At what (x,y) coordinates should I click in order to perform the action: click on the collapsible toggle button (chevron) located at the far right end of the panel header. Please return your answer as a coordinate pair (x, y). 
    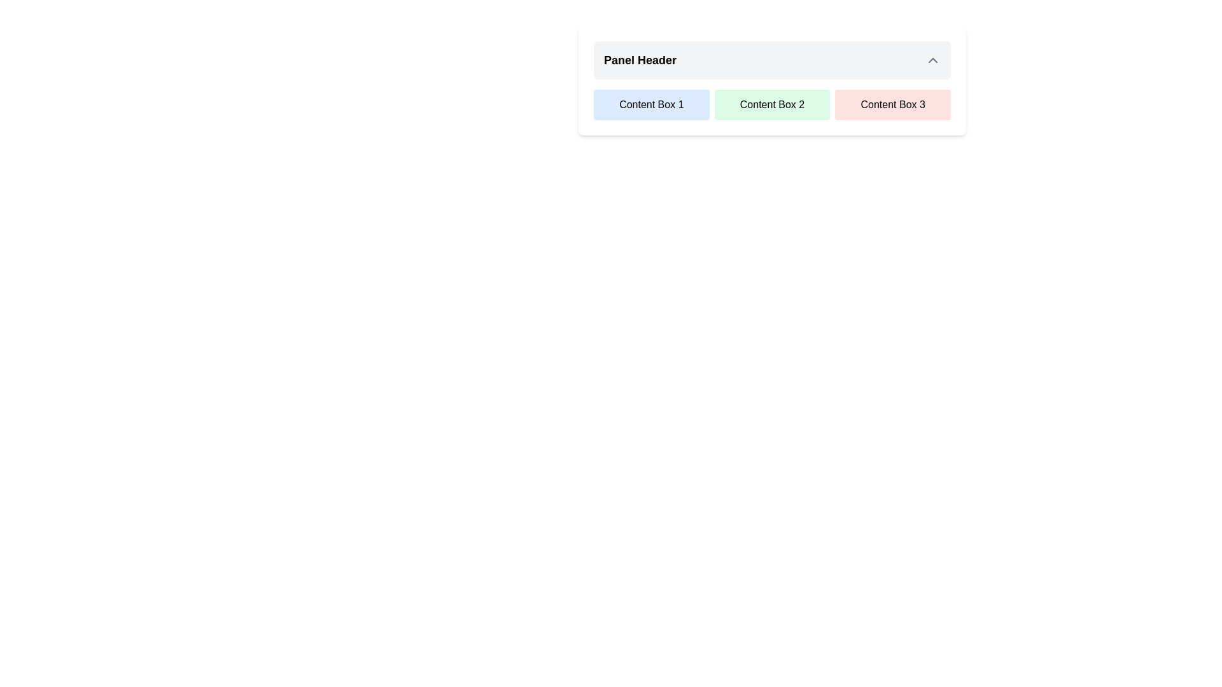
    Looking at the image, I should click on (932, 60).